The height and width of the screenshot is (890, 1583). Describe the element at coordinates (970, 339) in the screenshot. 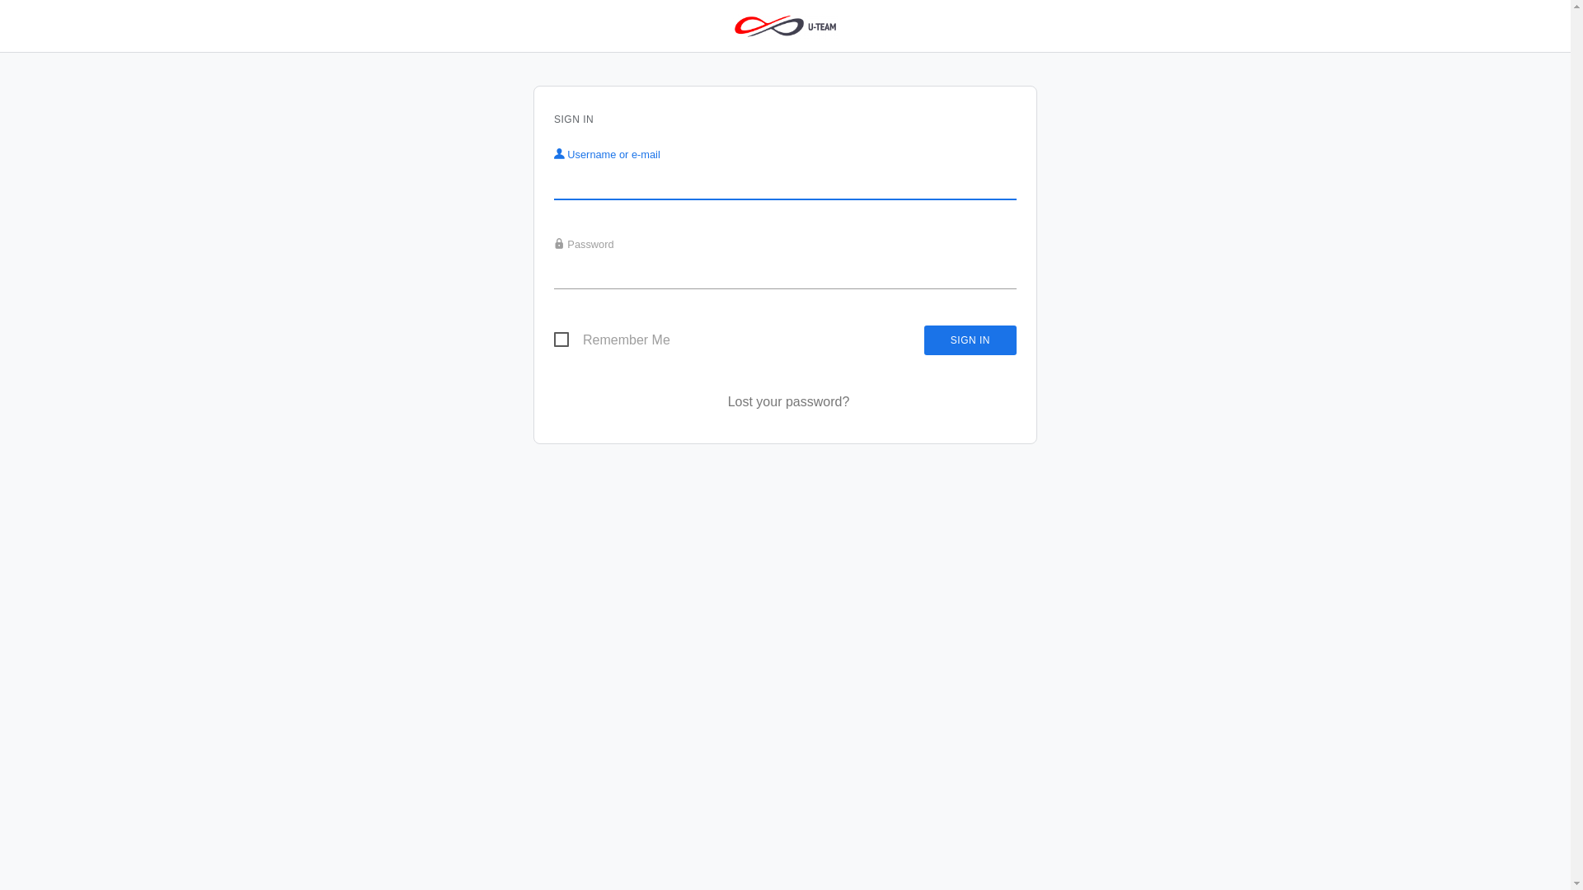

I see `'Sign in'` at that location.